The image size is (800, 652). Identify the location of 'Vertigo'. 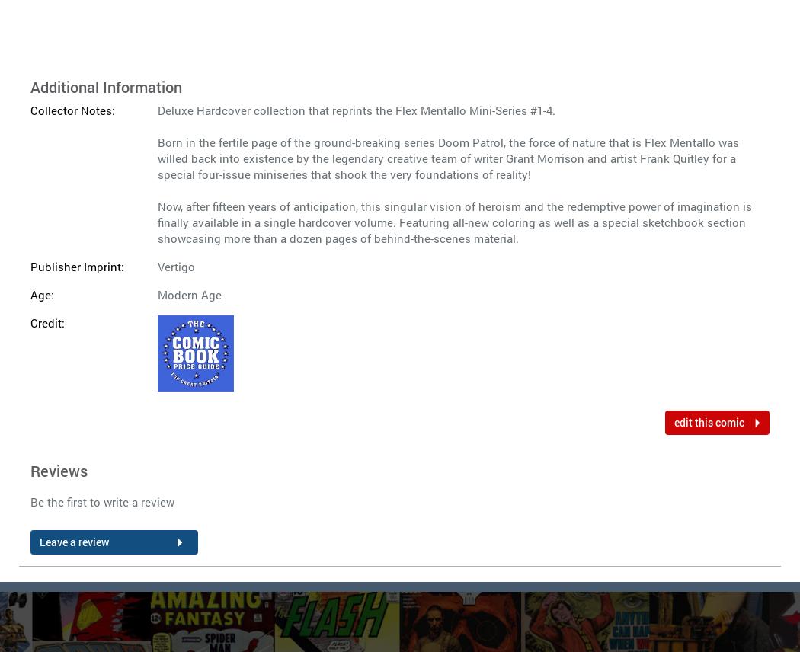
(175, 266).